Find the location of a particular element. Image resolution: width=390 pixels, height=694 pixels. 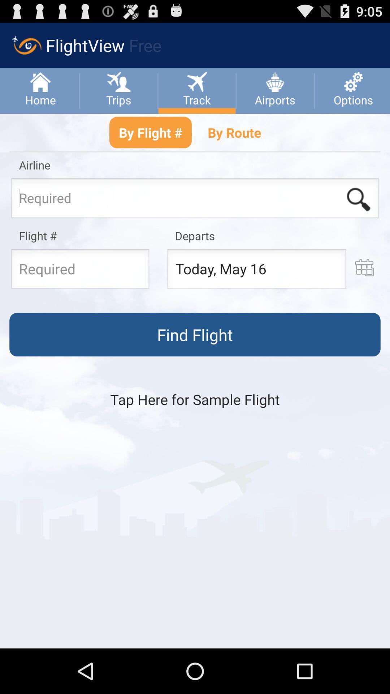

the option which says find flight is located at coordinates (195, 334).